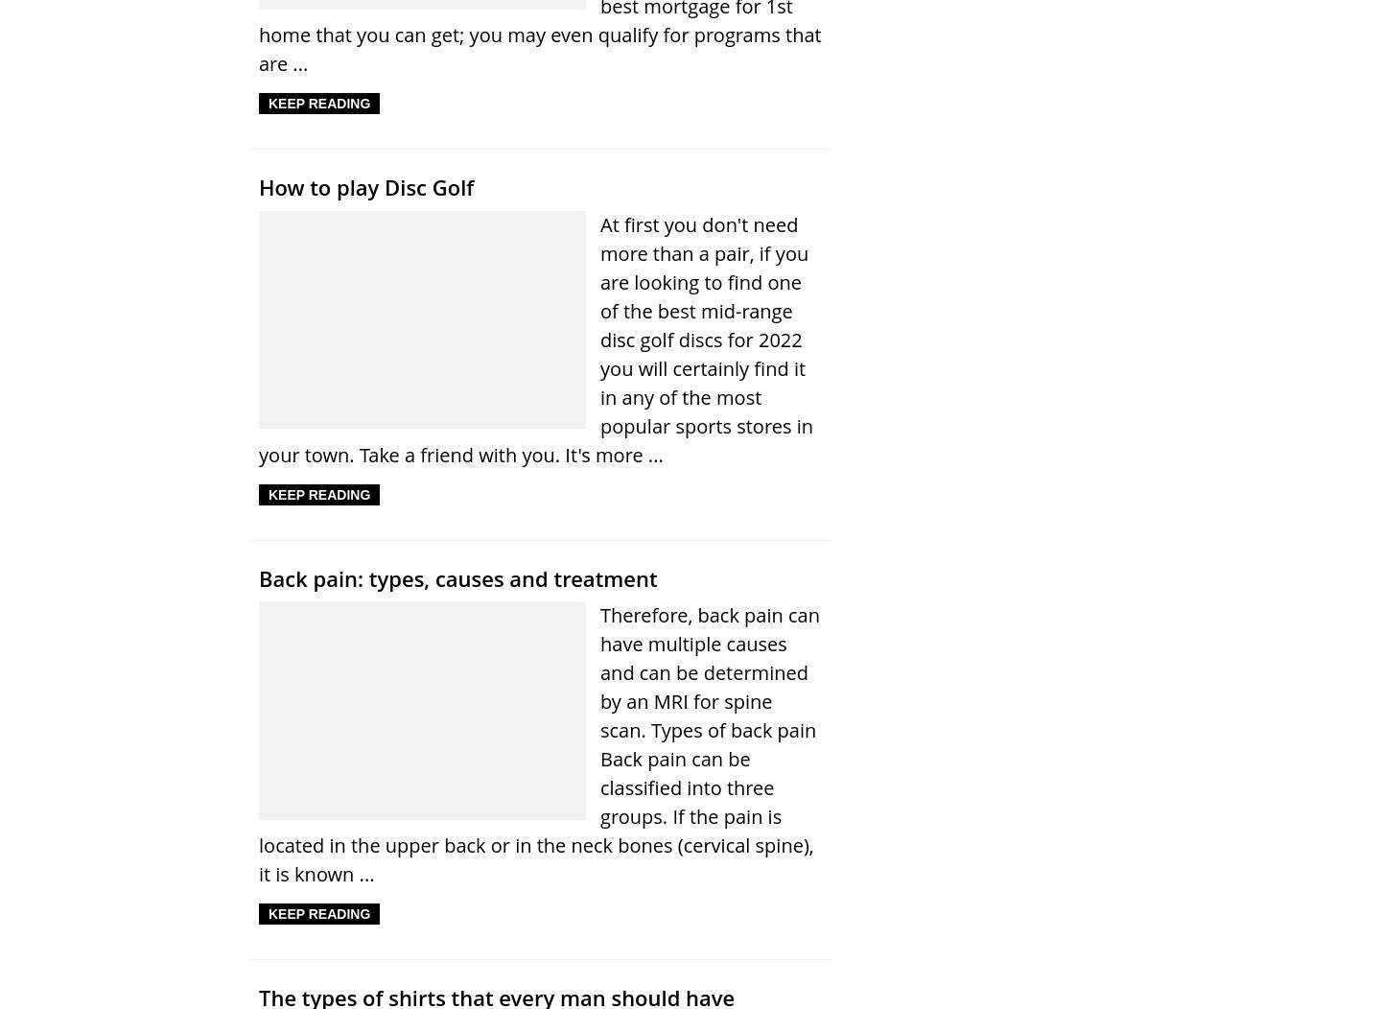 The width and height of the screenshot is (1381, 1009). I want to click on 'About', so click(652, 281).